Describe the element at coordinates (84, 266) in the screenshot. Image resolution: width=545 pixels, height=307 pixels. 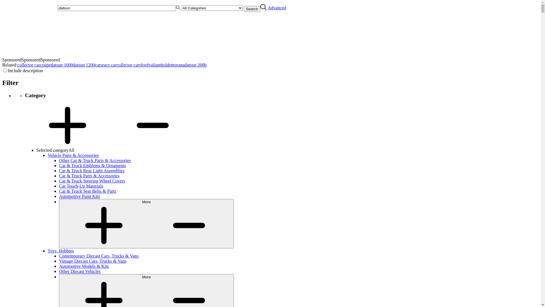
I see `'Automotive Models & Kits'` at that location.